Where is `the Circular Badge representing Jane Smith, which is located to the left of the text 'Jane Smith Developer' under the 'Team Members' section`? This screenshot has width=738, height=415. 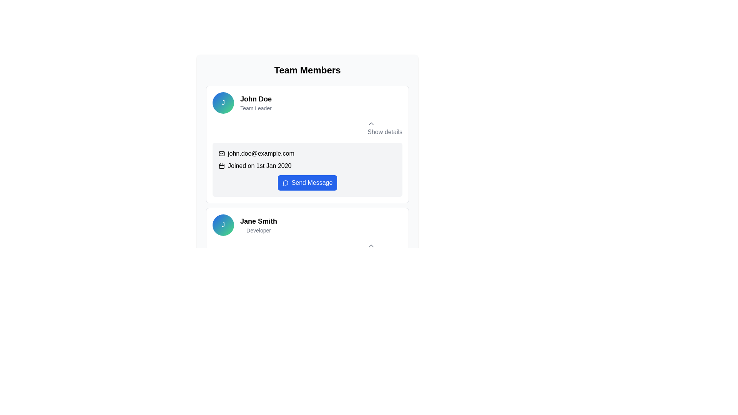
the Circular Badge representing Jane Smith, which is located to the left of the text 'Jane Smith Developer' under the 'Team Members' section is located at coordinates (223, 225).